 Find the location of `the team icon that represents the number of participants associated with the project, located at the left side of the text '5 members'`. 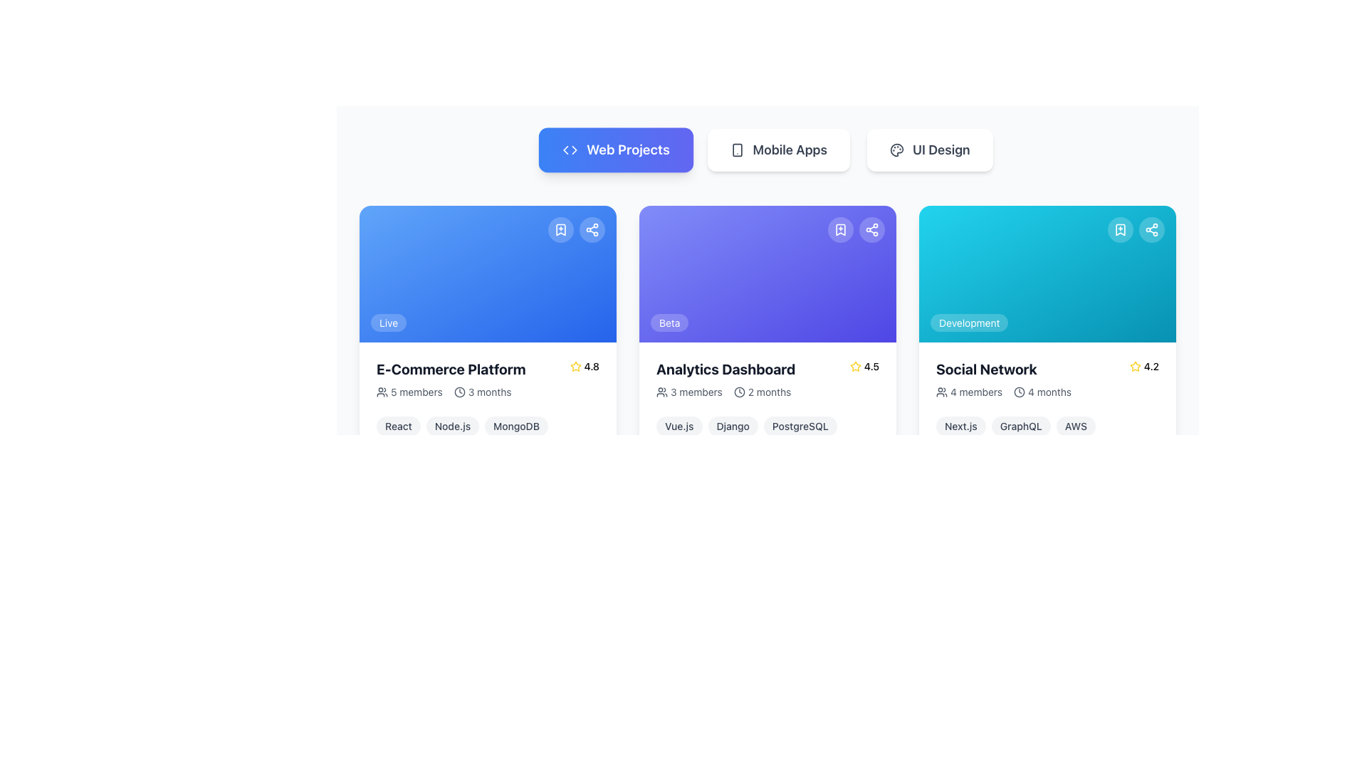

the team icon that represents the number of participants associated with the project, located at the left side of the text '5 members' is located at coordinates (382, 392).